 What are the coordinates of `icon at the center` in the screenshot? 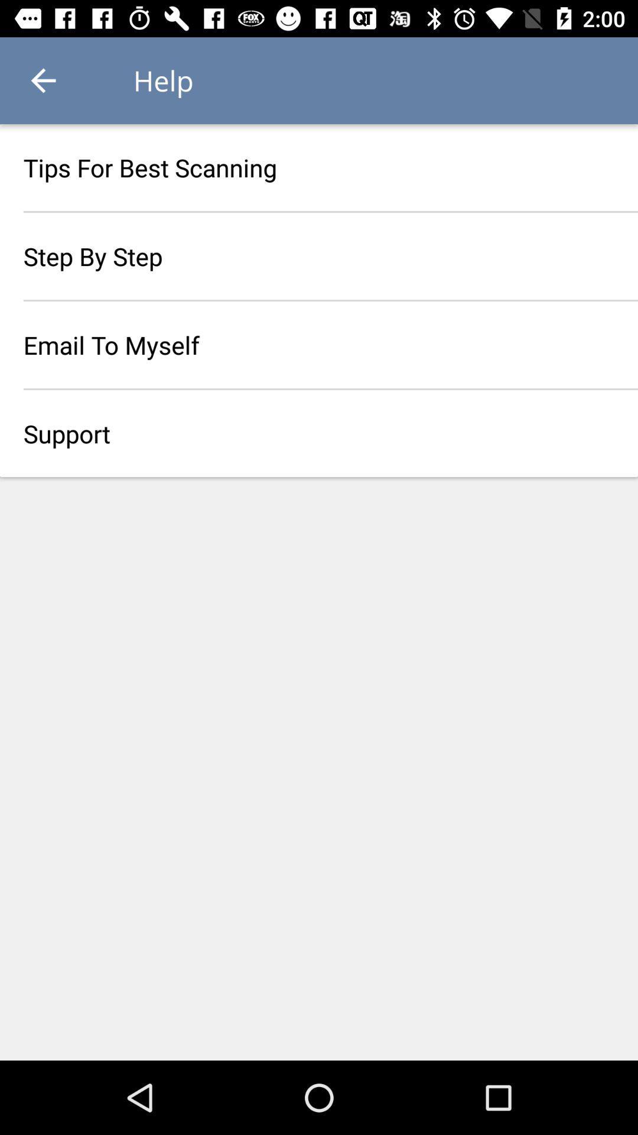 It's located at (319, 433).